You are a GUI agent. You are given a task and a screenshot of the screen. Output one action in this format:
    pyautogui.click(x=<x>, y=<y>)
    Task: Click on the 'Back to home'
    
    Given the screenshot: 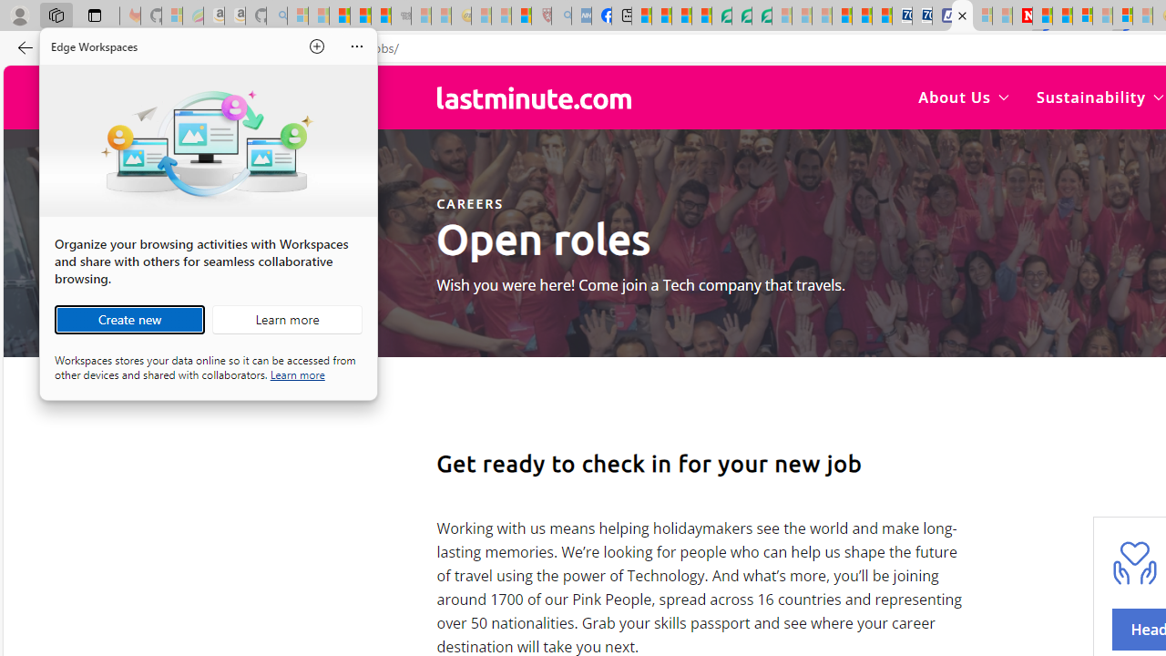 What is the action you would take?
    pyautogui.click(x=533, y=97)
    